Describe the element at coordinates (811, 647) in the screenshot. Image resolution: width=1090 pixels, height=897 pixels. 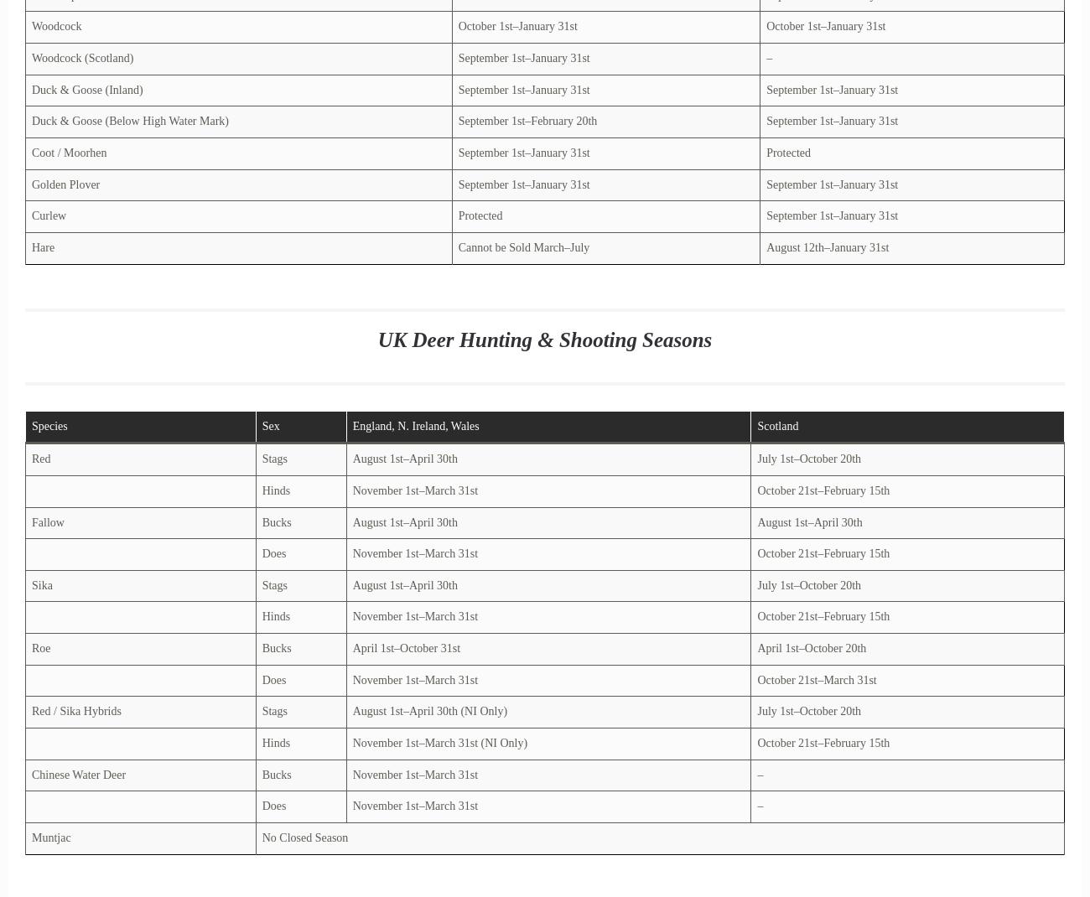
I see `'April 1st–October 20th'` at that location.